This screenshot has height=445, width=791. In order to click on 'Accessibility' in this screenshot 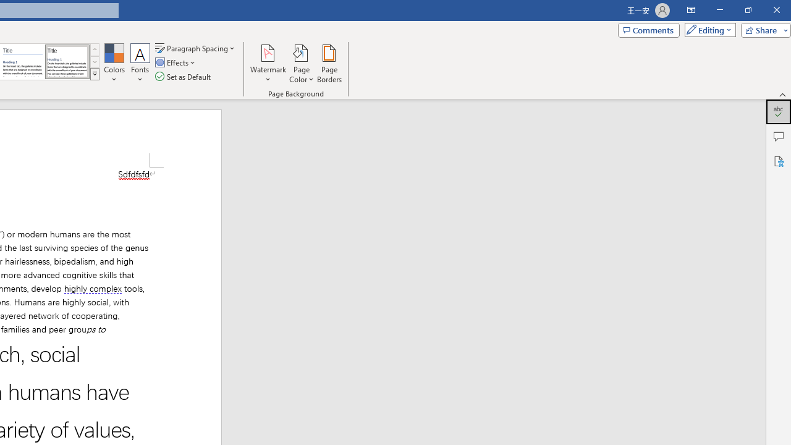, I will do `click(778, 161)`.